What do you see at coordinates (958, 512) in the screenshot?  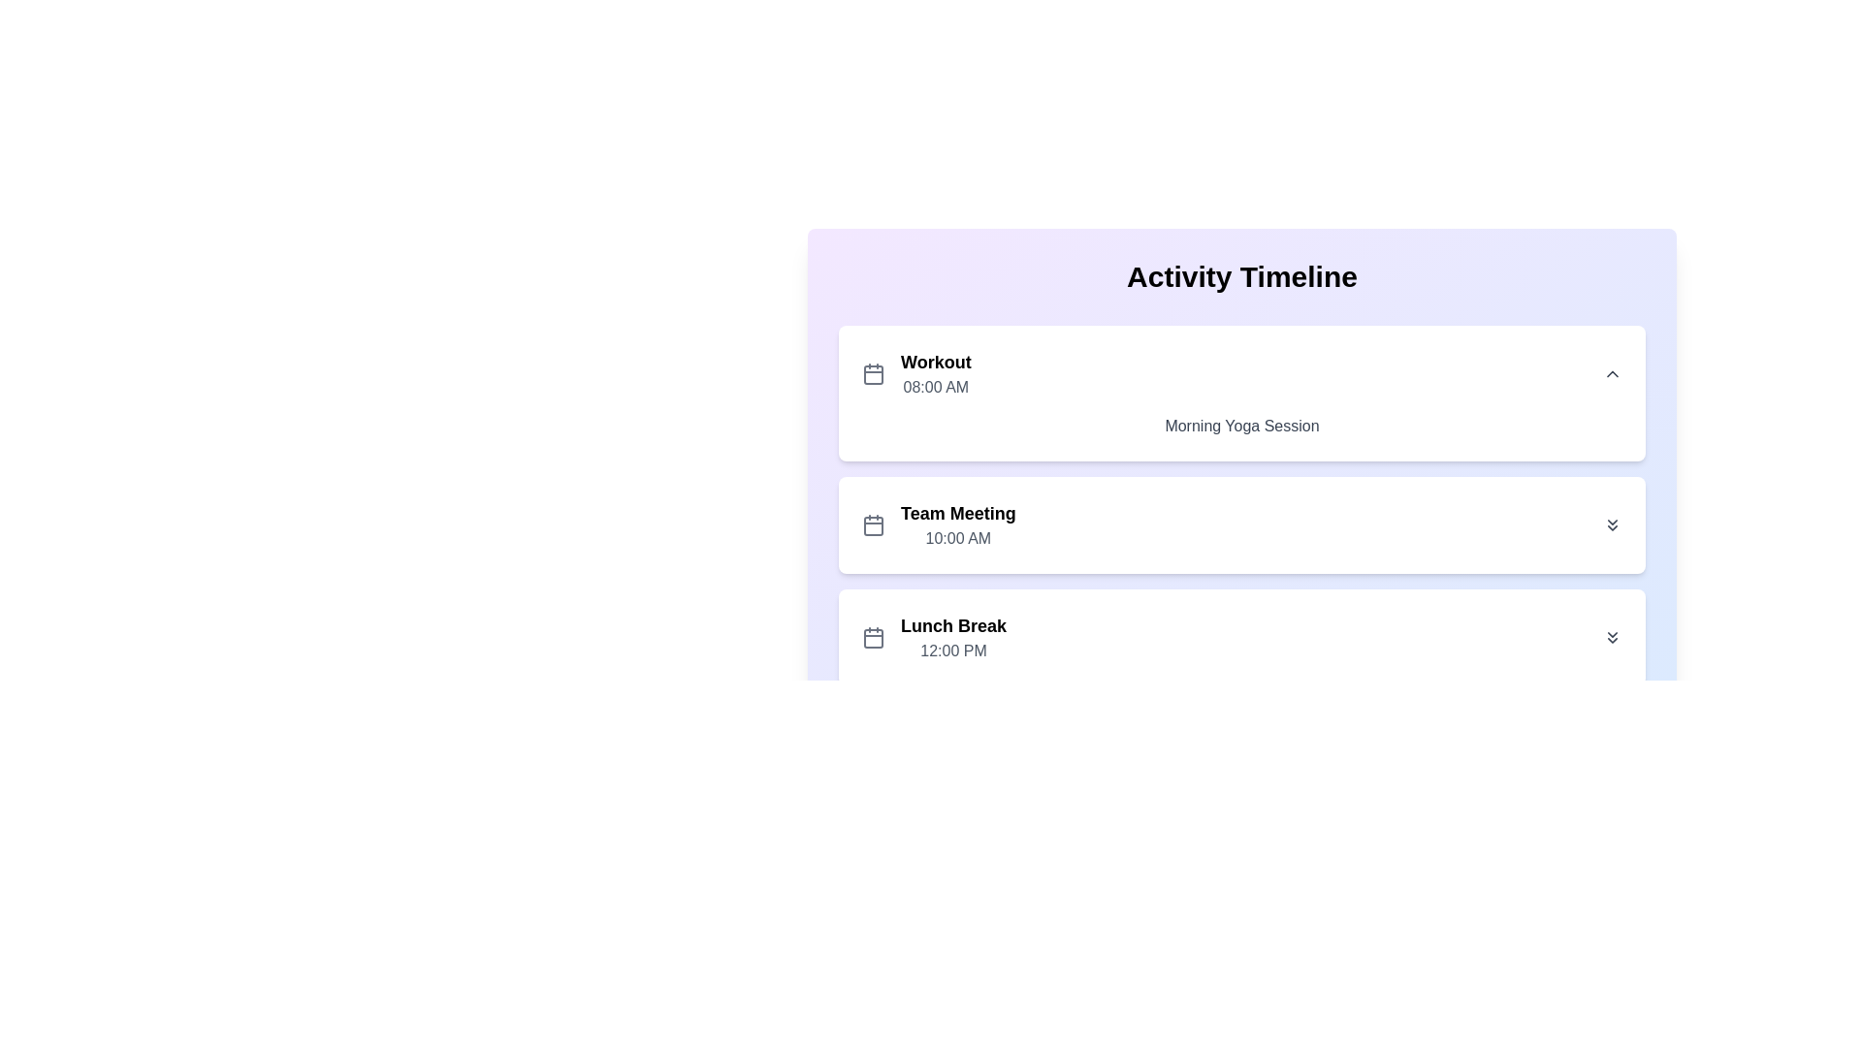 I see `the Text Label element that serves as a descriptor for the activity in the 'Activity Timeline', positioned above the 'Lunch Break' card and below the 'Workout' card` at bounding box center [958, 512].